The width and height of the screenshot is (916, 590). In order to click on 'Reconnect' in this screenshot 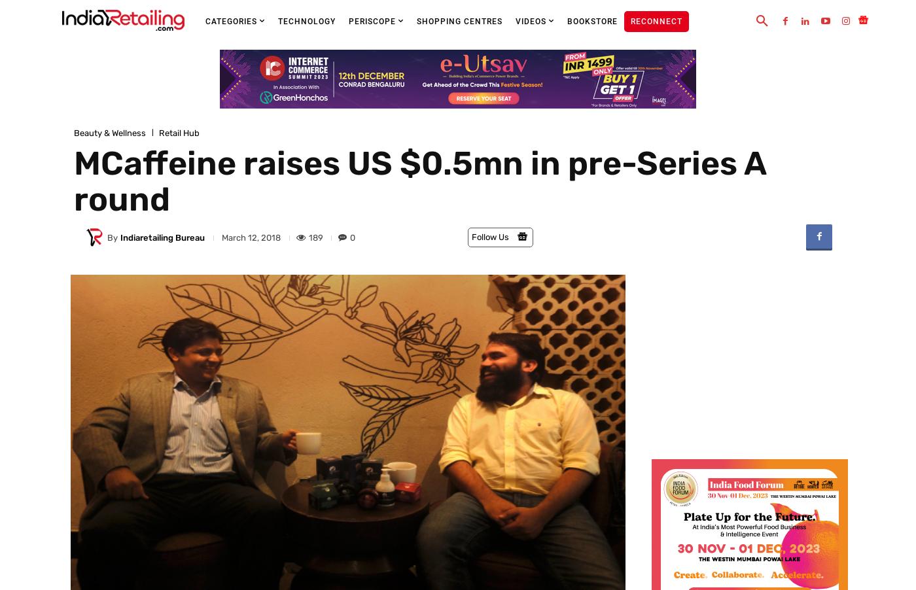, I will do `click(656, 21)`.